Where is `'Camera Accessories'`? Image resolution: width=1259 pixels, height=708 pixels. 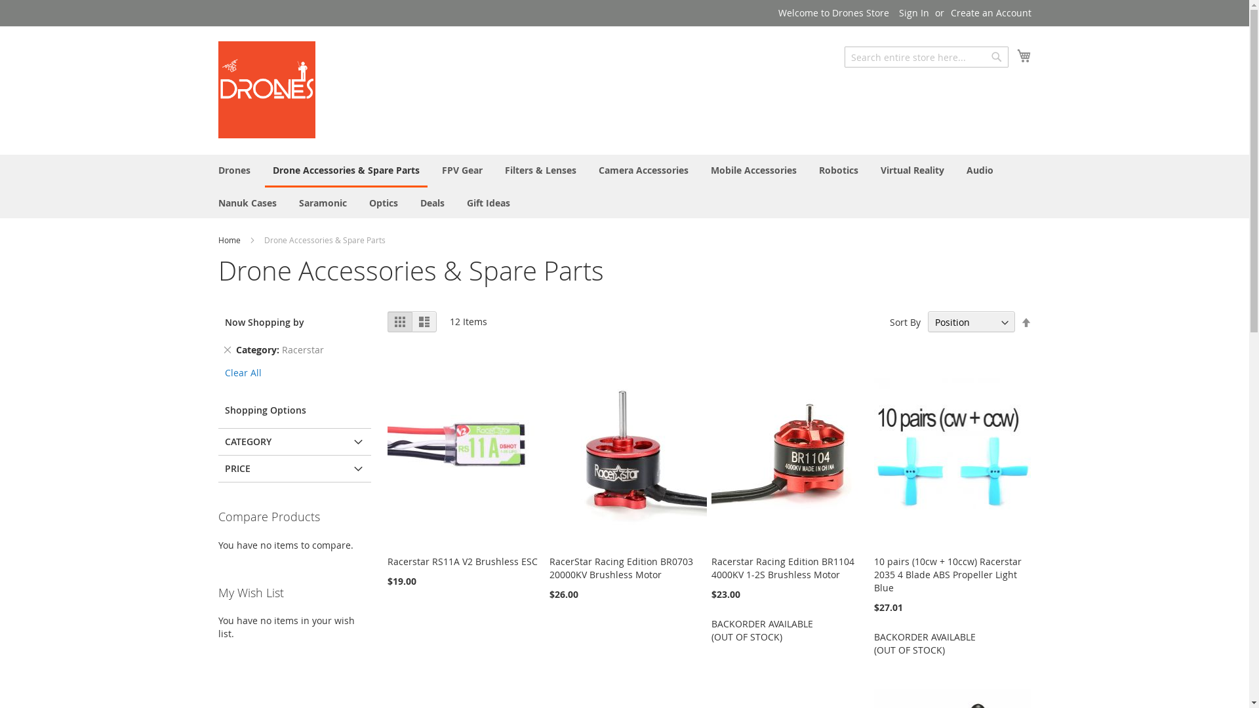
'Camera Accessories' is located at coordinates (643, 169).